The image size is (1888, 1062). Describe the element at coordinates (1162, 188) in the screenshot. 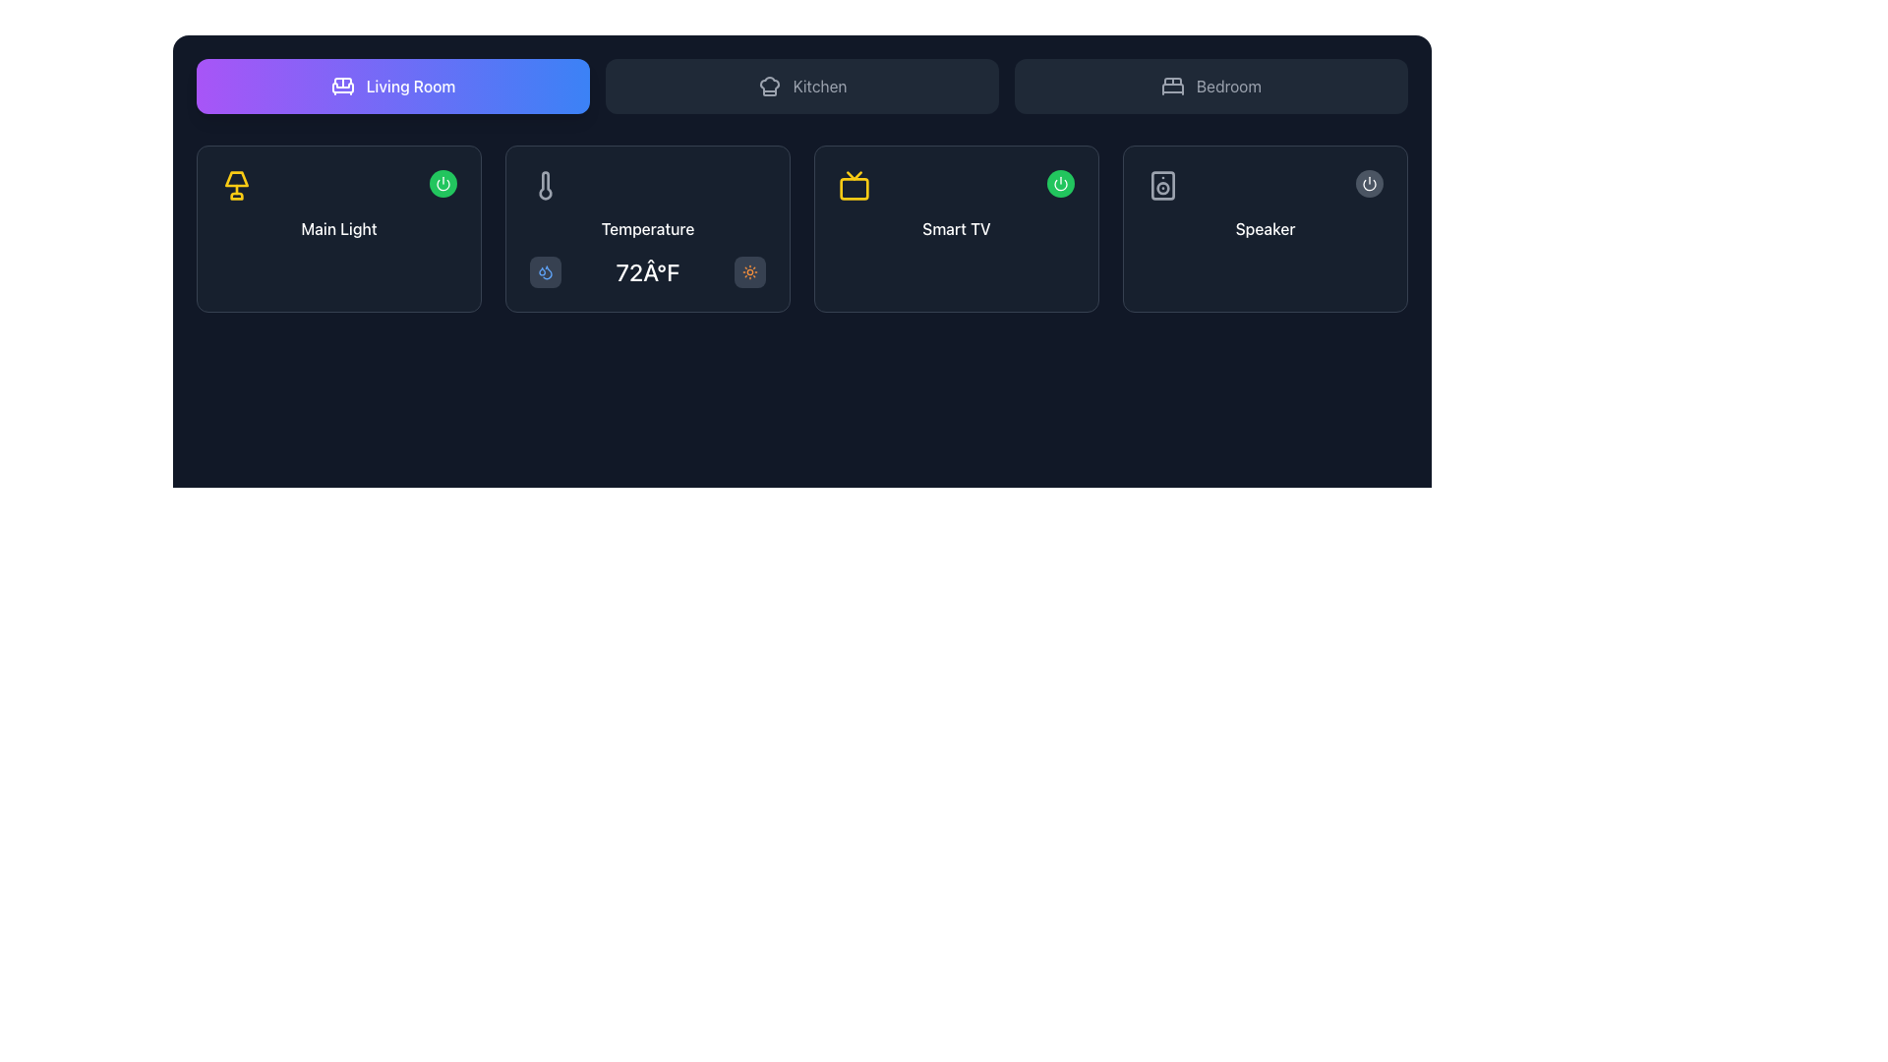

I see `the circular graphical component (SVG circle) that is part of the speaker's icon, located below the main horizontal bar featuring room categories` at that location.